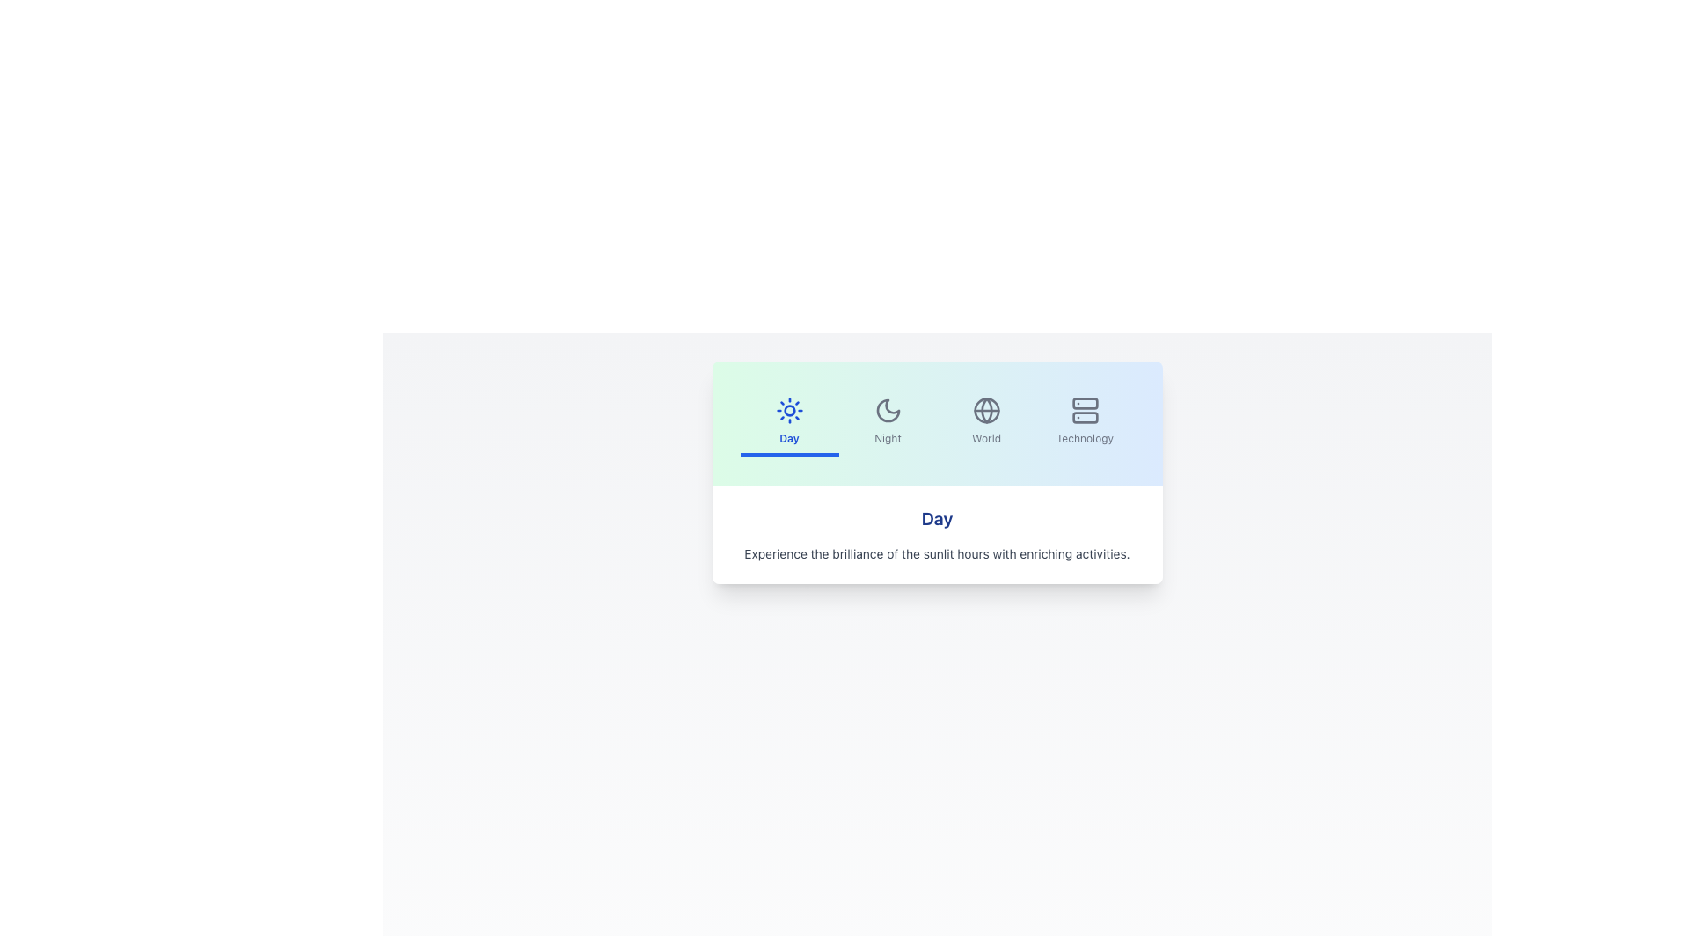  I want to click on the text label displaying the word 'Night', which is positioned below a moon-shaped icon within the 'Night' tab of the interface, so click(888, 437).